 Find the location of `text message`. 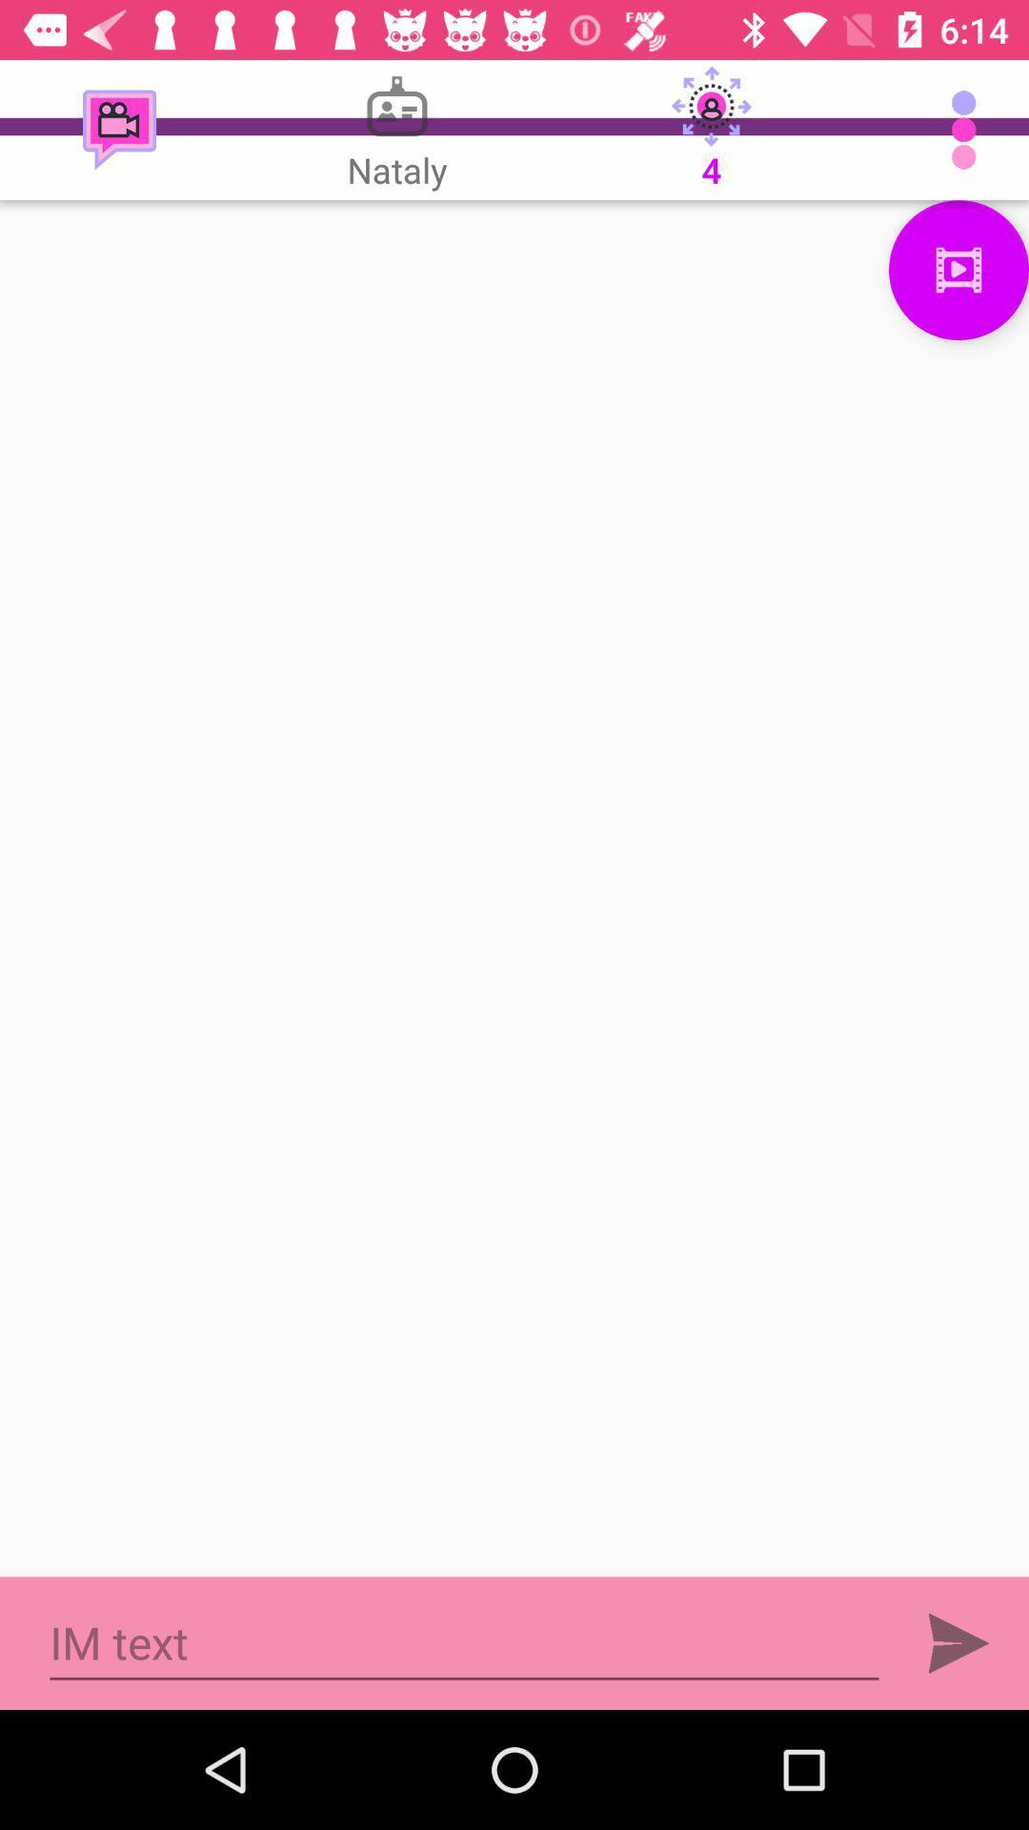

text message is located at coordinates (464, 1642).